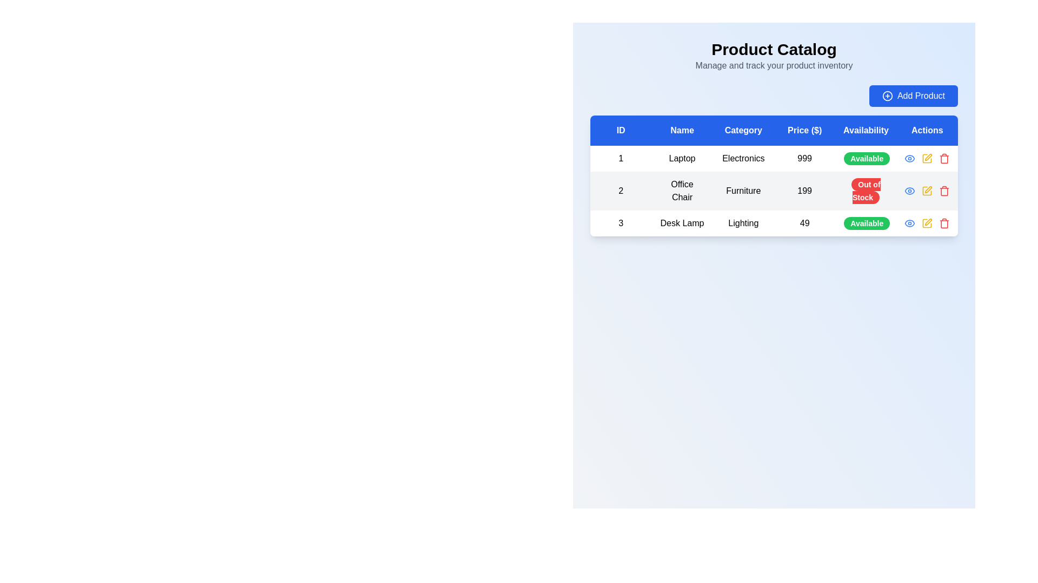 Image resolution: width=1038 pixels, height=583 pixels. What do you see at coordinates (927, 191) in the screenshot?
I see `the edit button icon in the Actions column of the second row of the table` at bounding box center [927, 191].